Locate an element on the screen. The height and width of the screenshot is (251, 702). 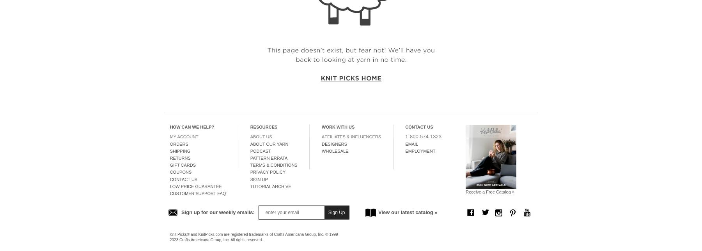
'Work With Us' is located at coordinates (338, 127).